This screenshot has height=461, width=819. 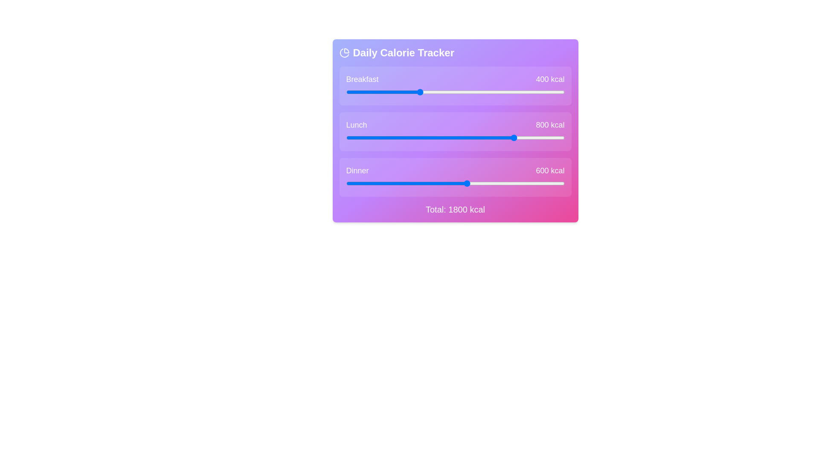 I want to click on the calorie value for breakfast, so click(x=439, y=92).